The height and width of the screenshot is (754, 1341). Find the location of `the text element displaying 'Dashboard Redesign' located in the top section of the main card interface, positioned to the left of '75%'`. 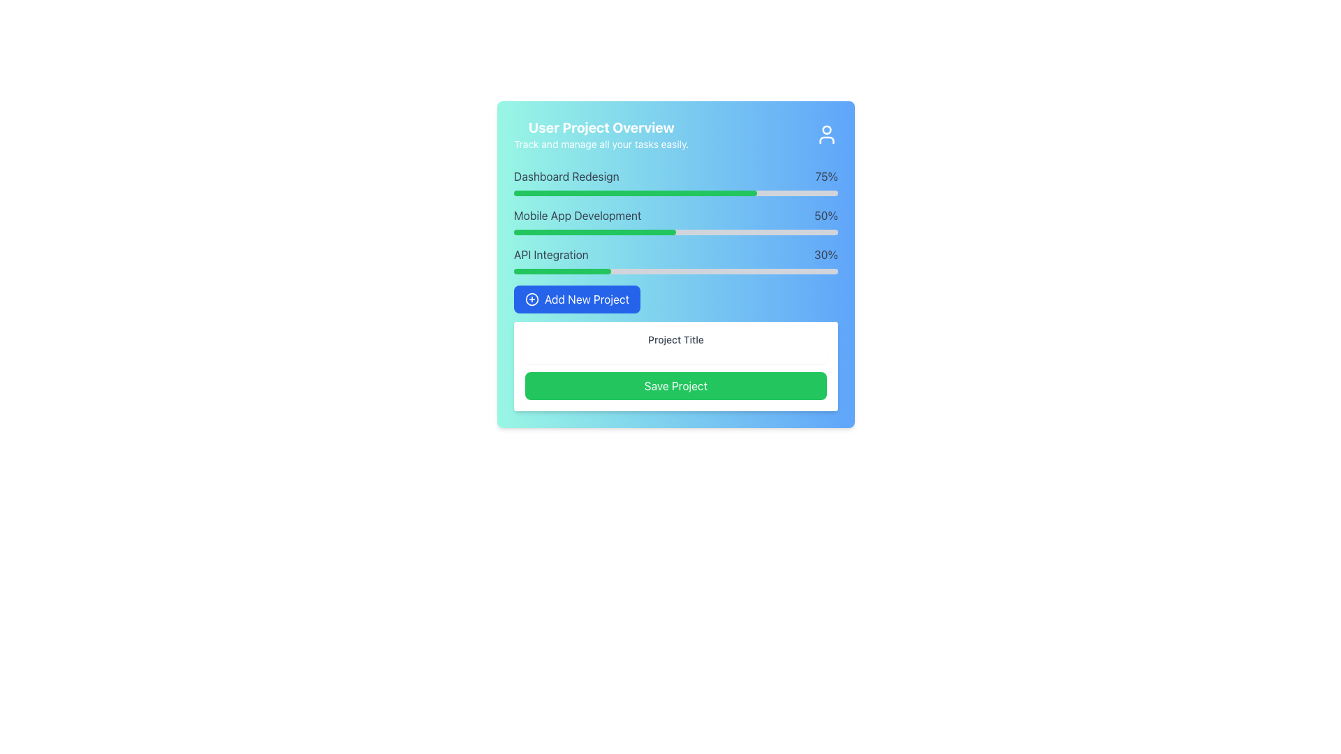

the text element displaying 'Dashboard Redesign' located in the top section of the main card interface, positioned to the left of '75%' is located at coordinates (566, 176).